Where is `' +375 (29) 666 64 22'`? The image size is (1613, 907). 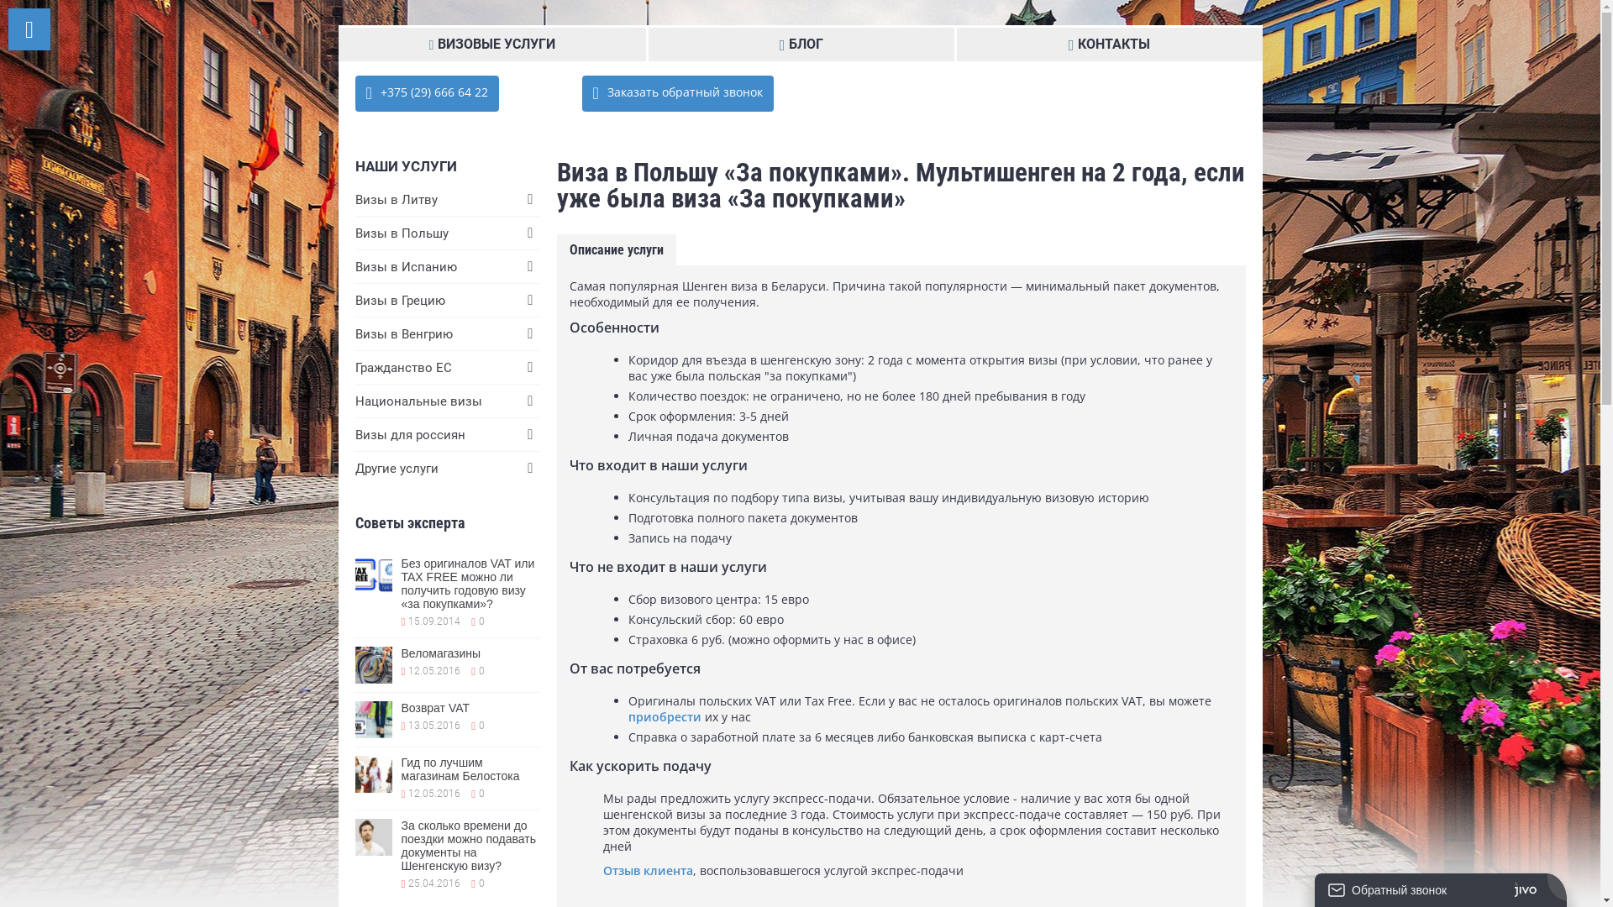 ' +375 (29) 666 64 22' is located at coordinates (426, 93).